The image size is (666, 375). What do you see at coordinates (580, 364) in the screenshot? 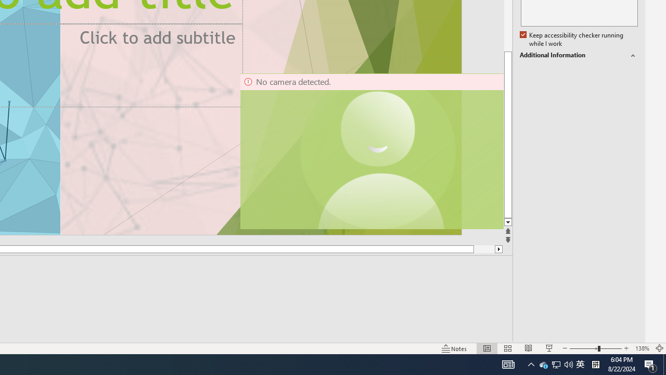
I see `'IME Mode Icon - IME is disabled'` at bounding box center [580, 364].